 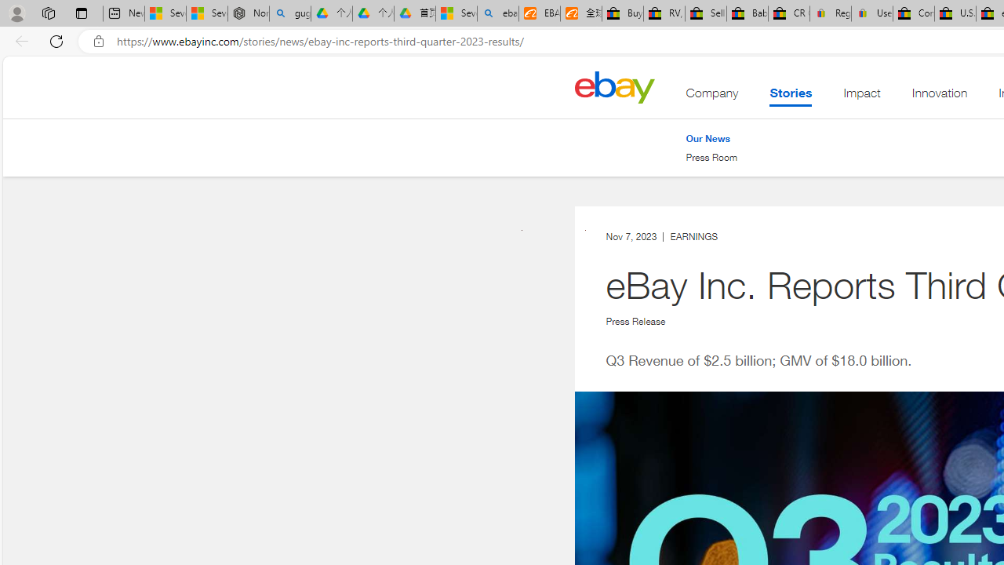 What do you see at coordinates (81, 13) in the screenshot?
I see `'Tab actions menu'` at bounding box center [81, 13].